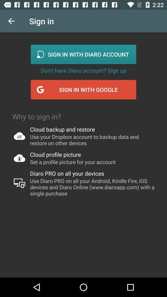 Image resolution: width=167 pixels, height=297 pixels. I want to click on the logo beside cloud, so click(19, 136).